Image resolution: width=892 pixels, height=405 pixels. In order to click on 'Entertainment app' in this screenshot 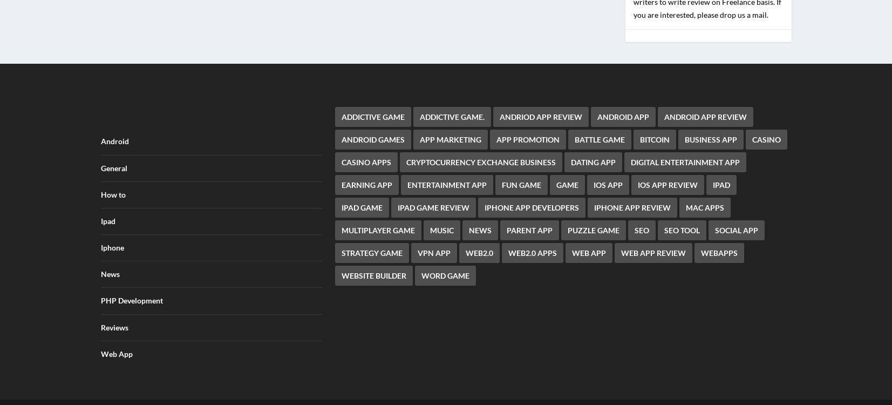, I will do `click(406, 177)`.